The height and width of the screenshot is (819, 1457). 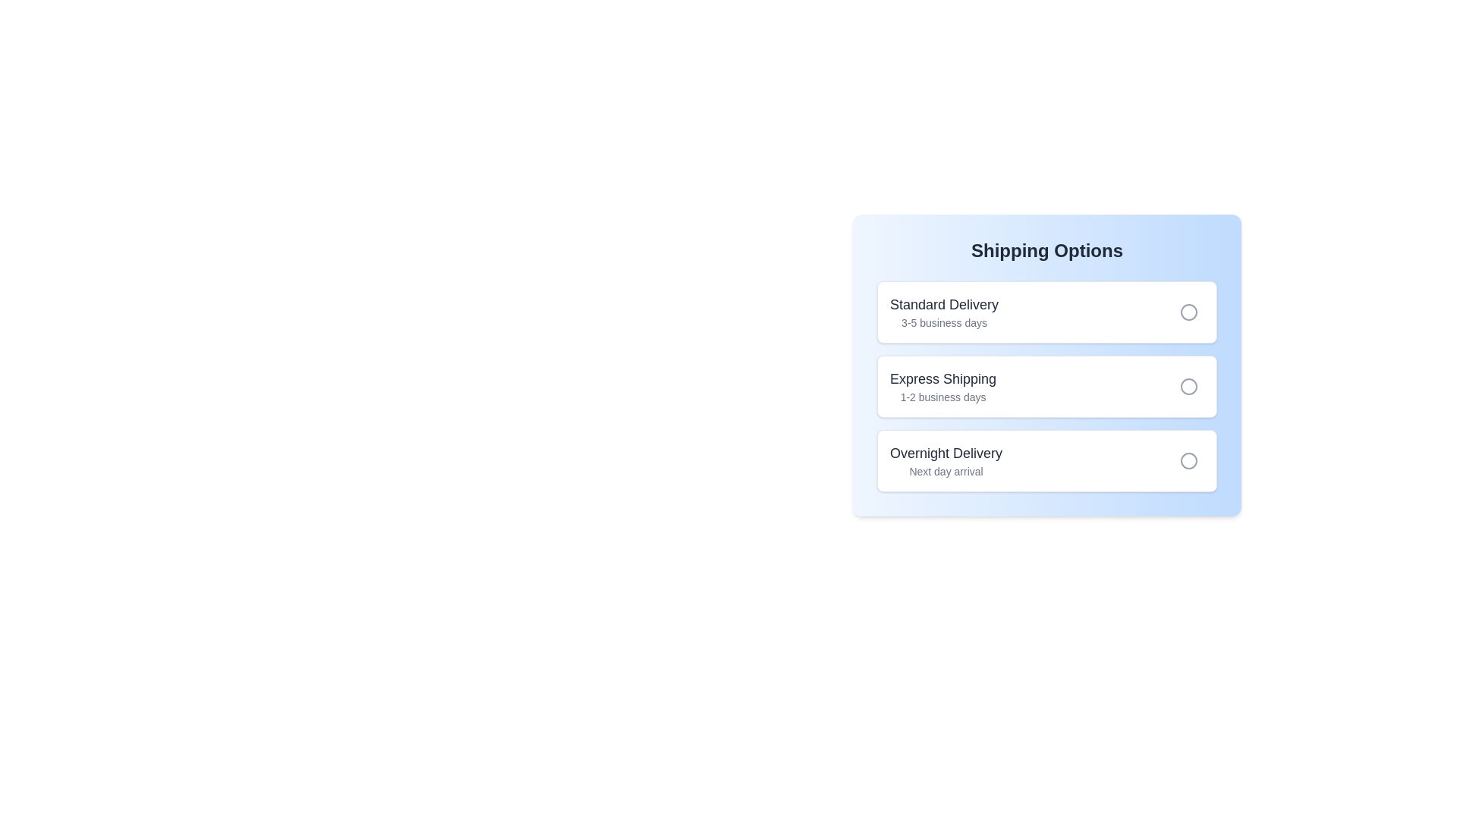 What do you see at coordinates (946, 460) in the screenshot?
I see `the 'Overnight Delivery' text information block, which consists of two lines: 'Overnight Delivery' in bold and 'Next day arrival' below it, centered within the delivery options card` at bounding box center [946, 460].